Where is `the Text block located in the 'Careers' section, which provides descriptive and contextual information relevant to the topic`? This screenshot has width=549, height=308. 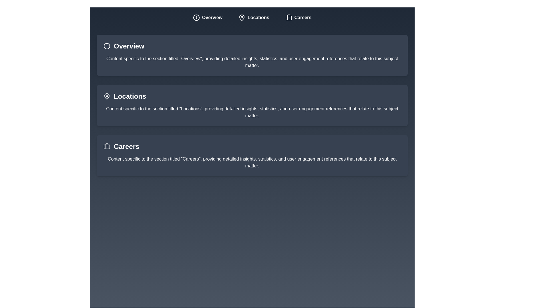
the Text block located in the 'Careers' section, which provides descriptive and contextual information relevant to the topic is located at coordinates (252, 163).